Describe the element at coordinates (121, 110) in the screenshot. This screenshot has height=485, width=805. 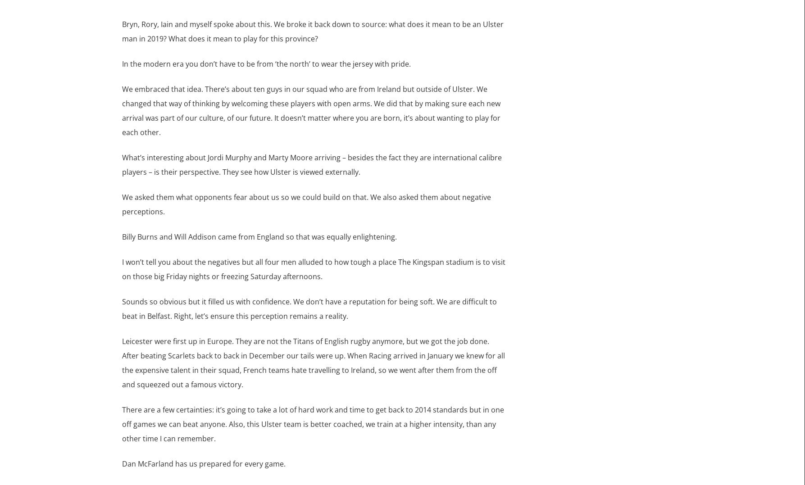
I see `'We embraced that idea. There’s about ten guys in our squad who are from Ireland but outside of Ulster. We changed that way of thinking by welcoming these players with open arms. We did that by making sure each new arrival was part of our culture, of our future. It doesn’t matter where you are born, it’s about wanting to play for each other.'` at that location.